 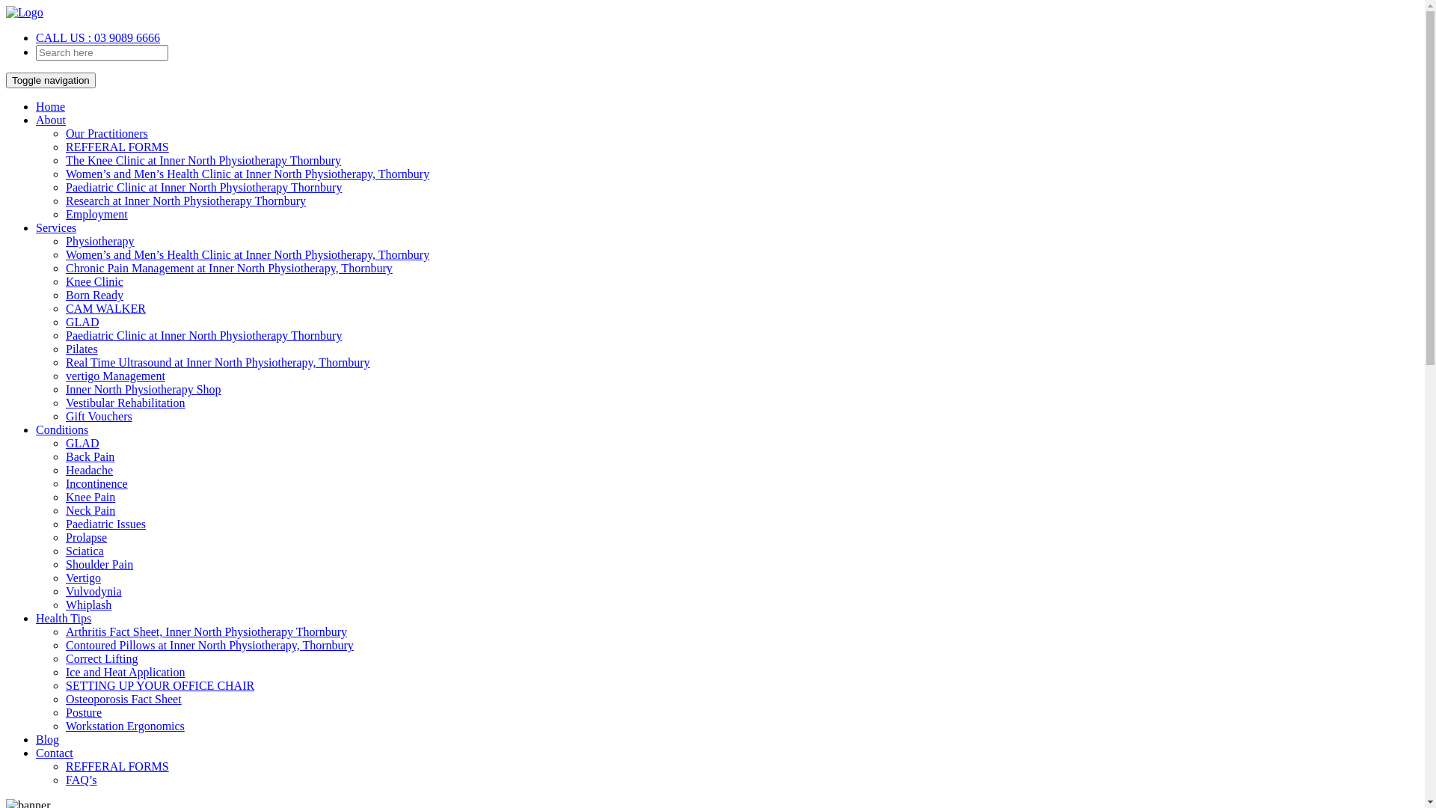 I want to click on 'Back Pain', so click(x=64, y=456).